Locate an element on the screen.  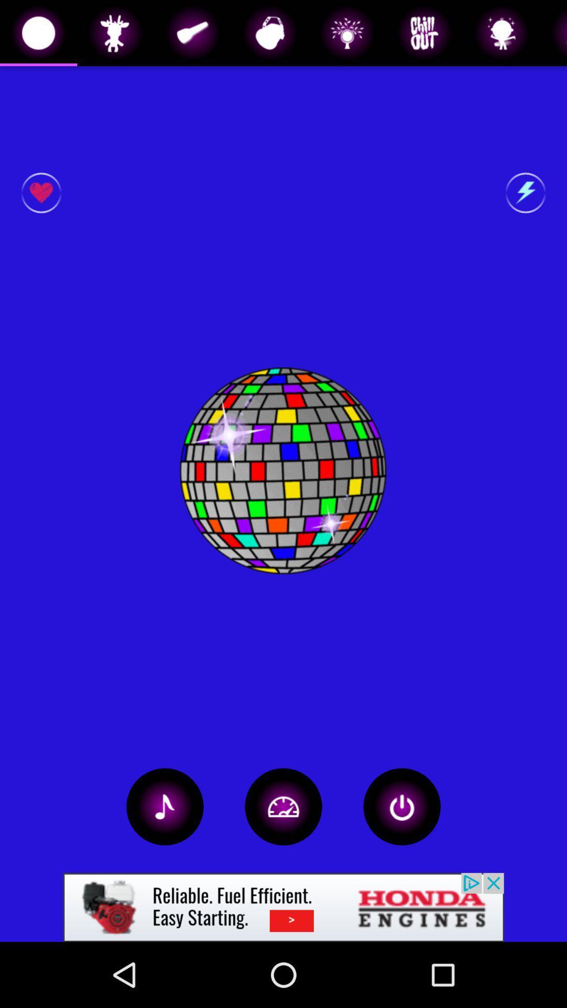
music is located at coordinates (165, 806).